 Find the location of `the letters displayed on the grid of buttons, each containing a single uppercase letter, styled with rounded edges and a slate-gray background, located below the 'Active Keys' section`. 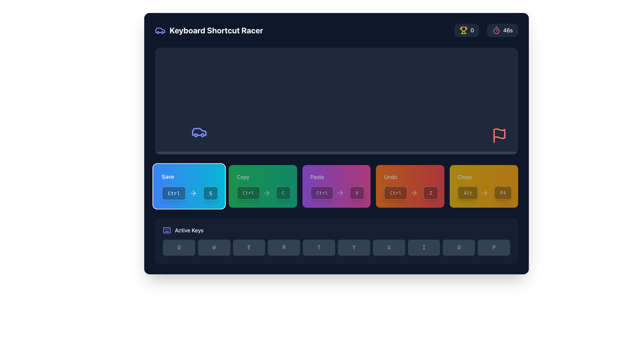

the letters displayed on the grid of buttons, each containing a single uppercase letter, styled with rounded edges and a slate-gray background, located below the 'Active Keys' section is located at coordinates (337, 248).